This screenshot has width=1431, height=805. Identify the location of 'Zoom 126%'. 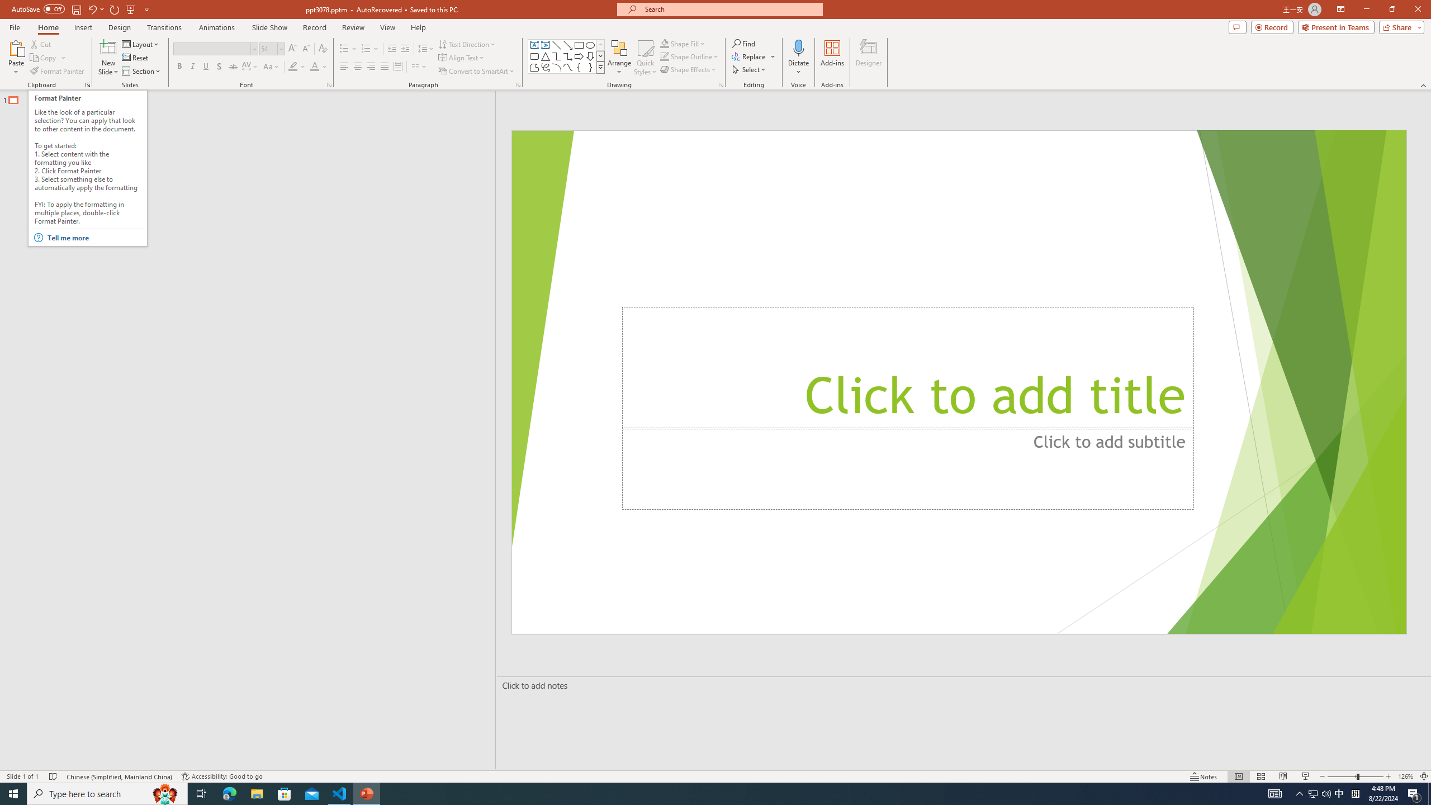
(1406, 776).